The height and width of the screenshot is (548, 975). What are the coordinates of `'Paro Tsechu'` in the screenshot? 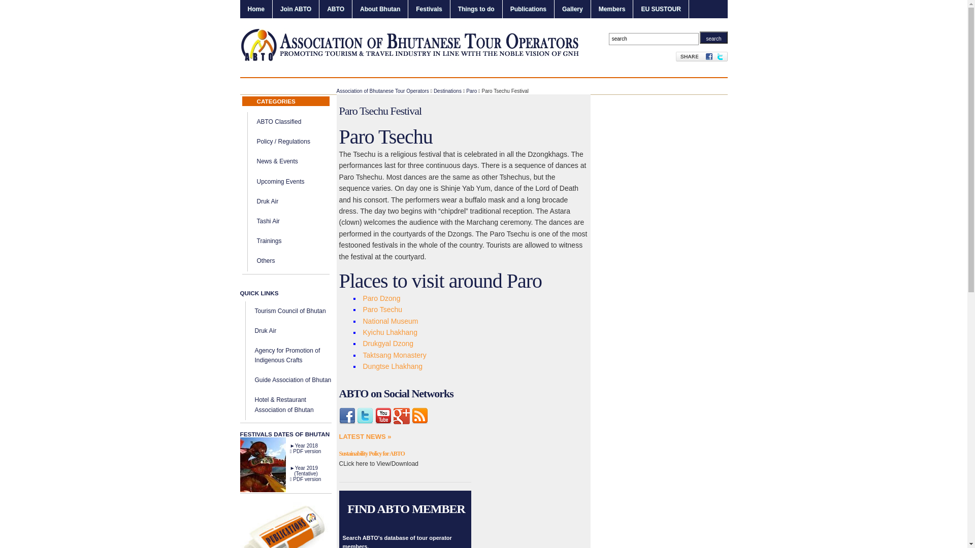 It's located at (382, 309).